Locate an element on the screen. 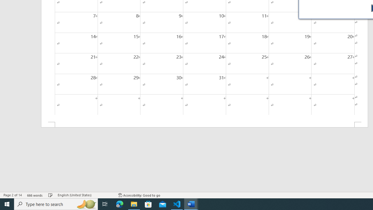 This screenshot has width=373, height=210. 'Page Number Page 2 of 14' is located at coordinates (13, 195).